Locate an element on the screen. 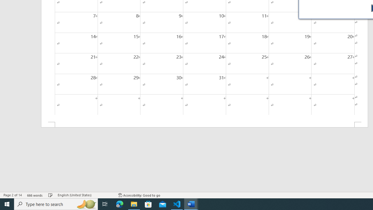 This screenshot has width=373, height=210. 'Page Number Page 2 of 14' is located at coordinates (13, 195).